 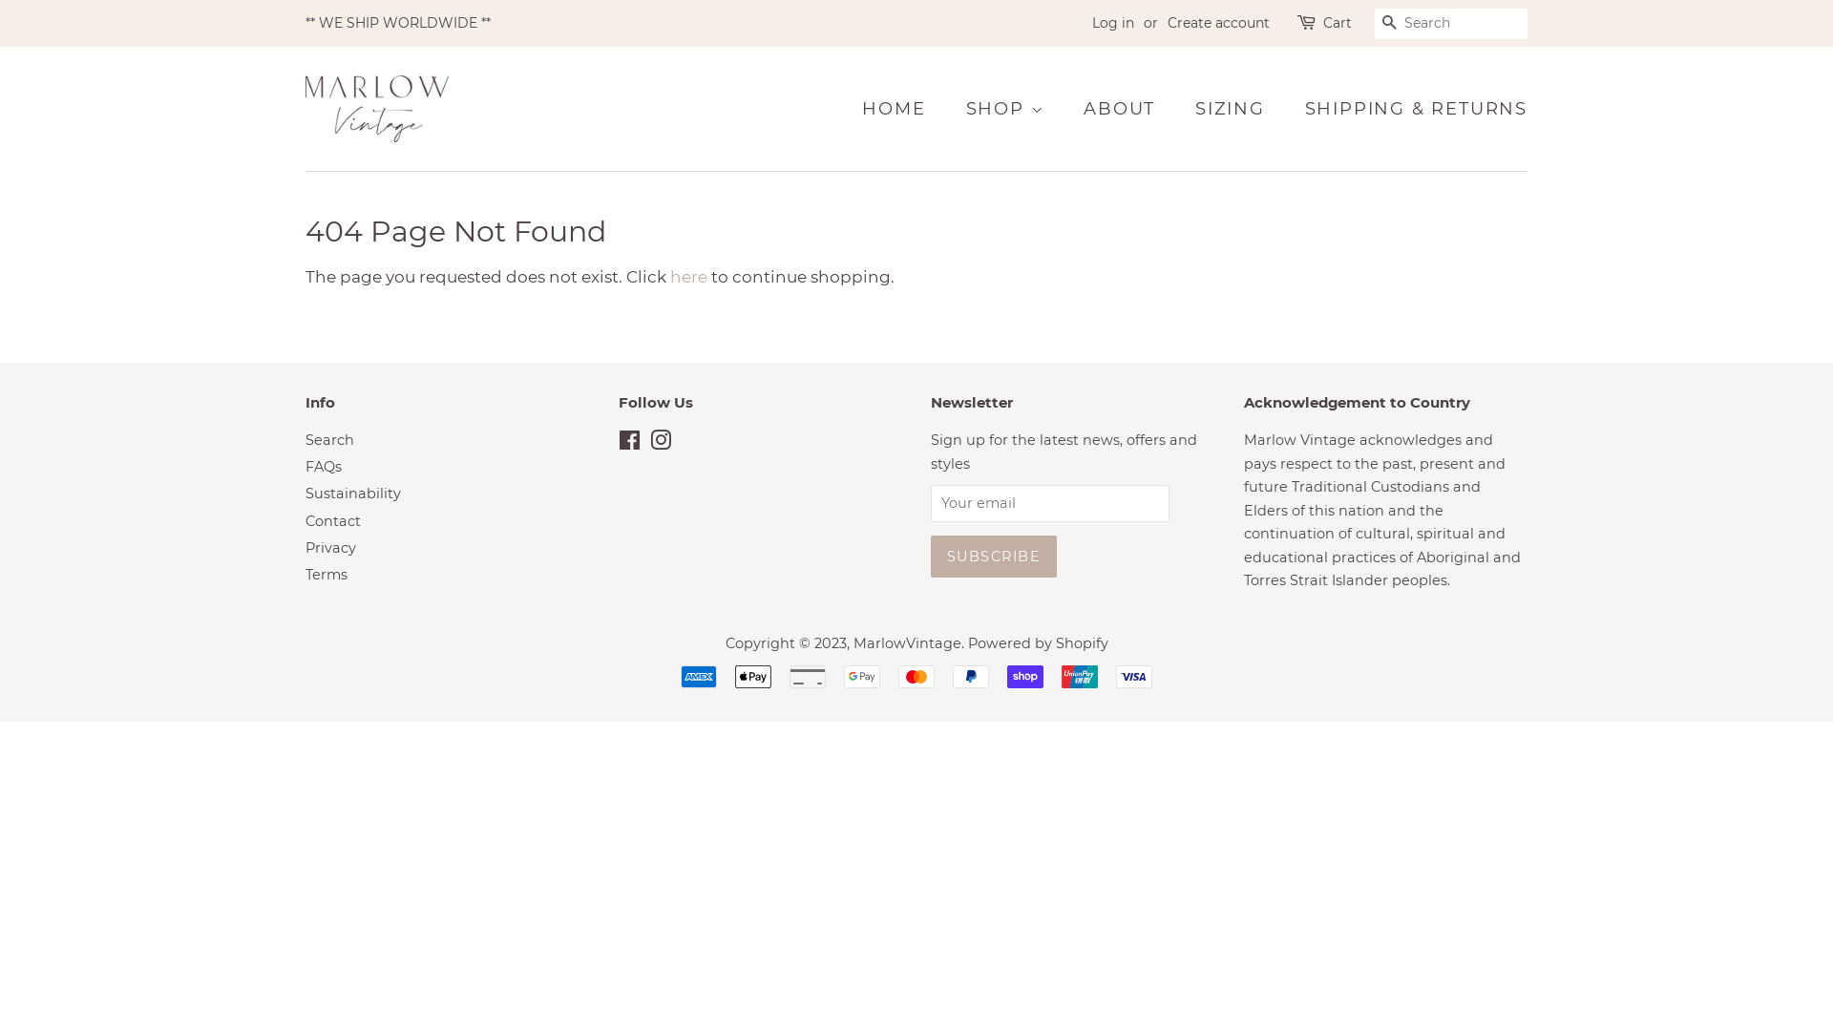 I want to click on 'Log in', so click(x=1113, y=22).